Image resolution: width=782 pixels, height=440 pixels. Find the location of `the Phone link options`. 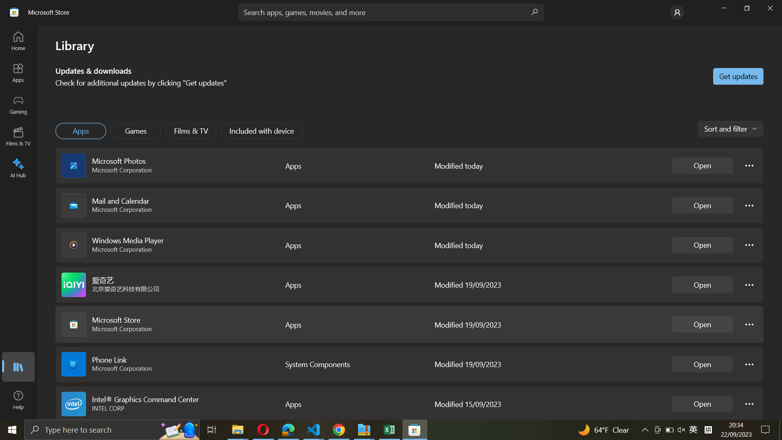

the Phone link options is located at coordinates (749, 363).